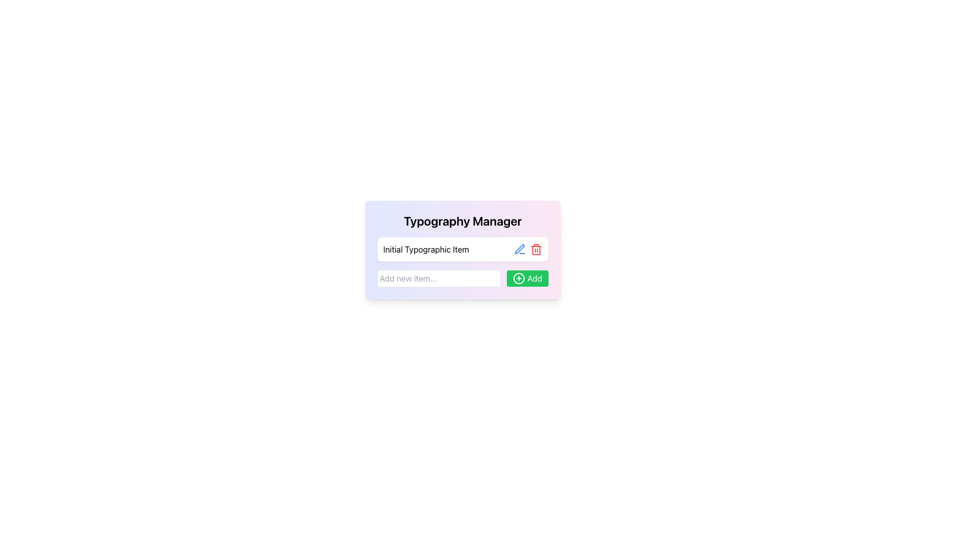 The width and height of the screenshot is (978, 550). Describe the element at coordinates (462, 221) in the screenshot. I see `the text heading element labeled 'Typography Manager' at the top of the panel, which indicates the content category within the card` at that location.